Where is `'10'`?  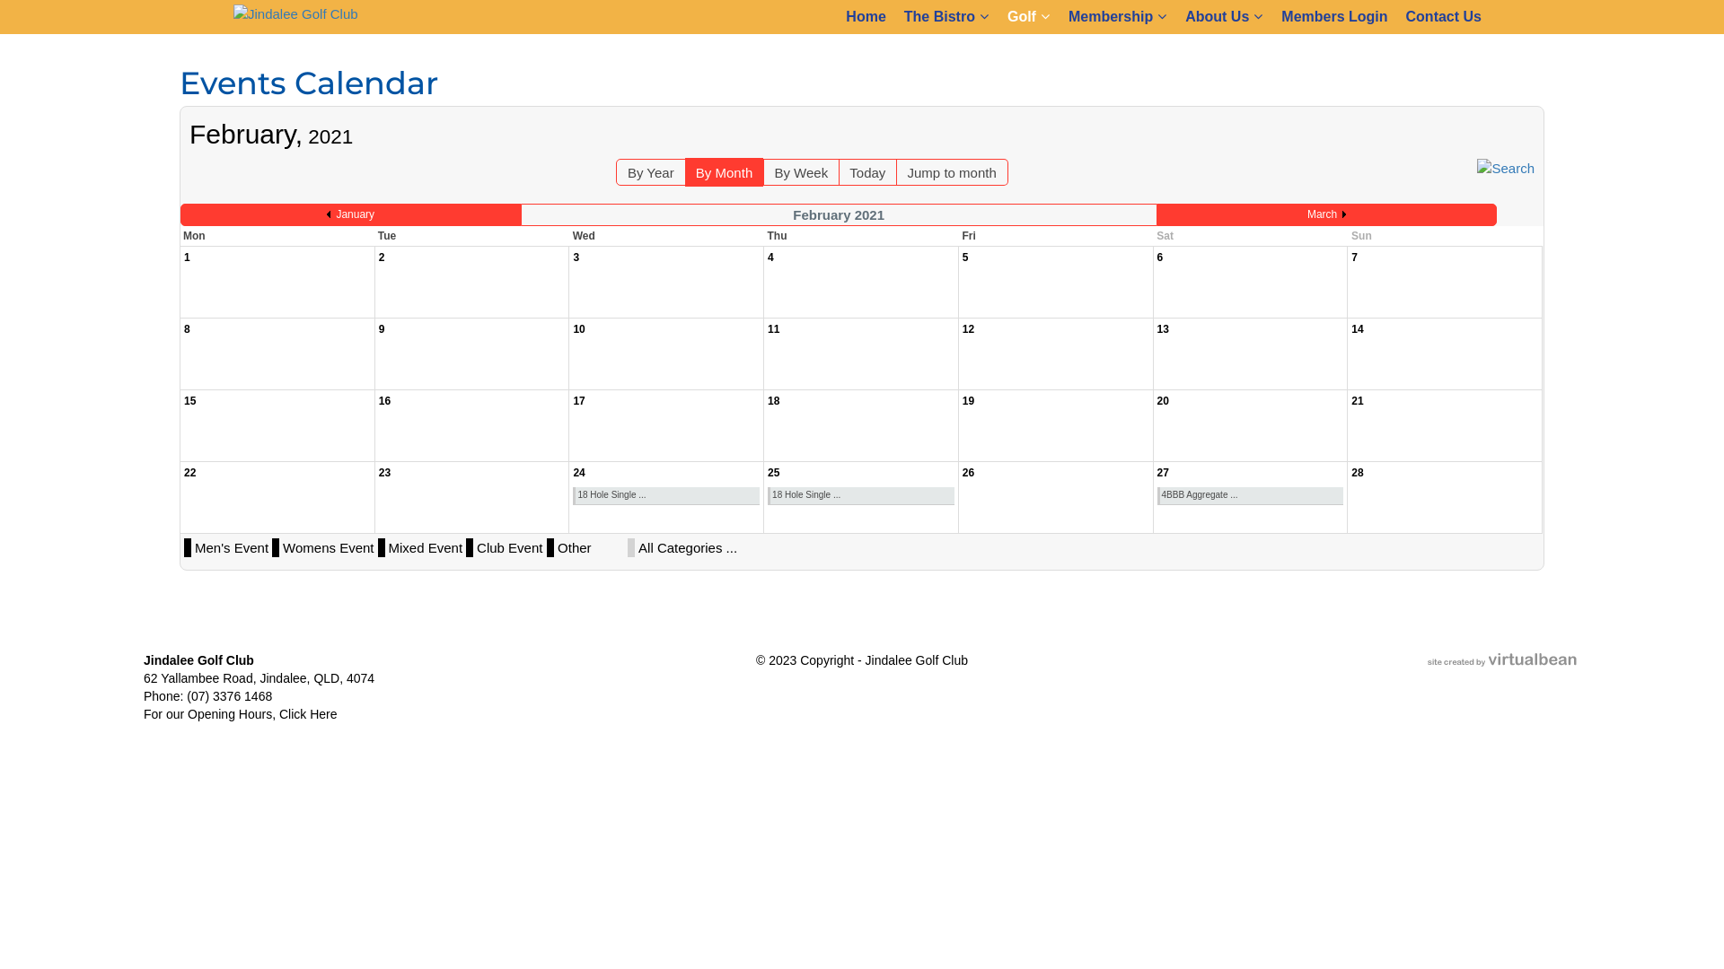 '10' is located at coordinates (578, 328).